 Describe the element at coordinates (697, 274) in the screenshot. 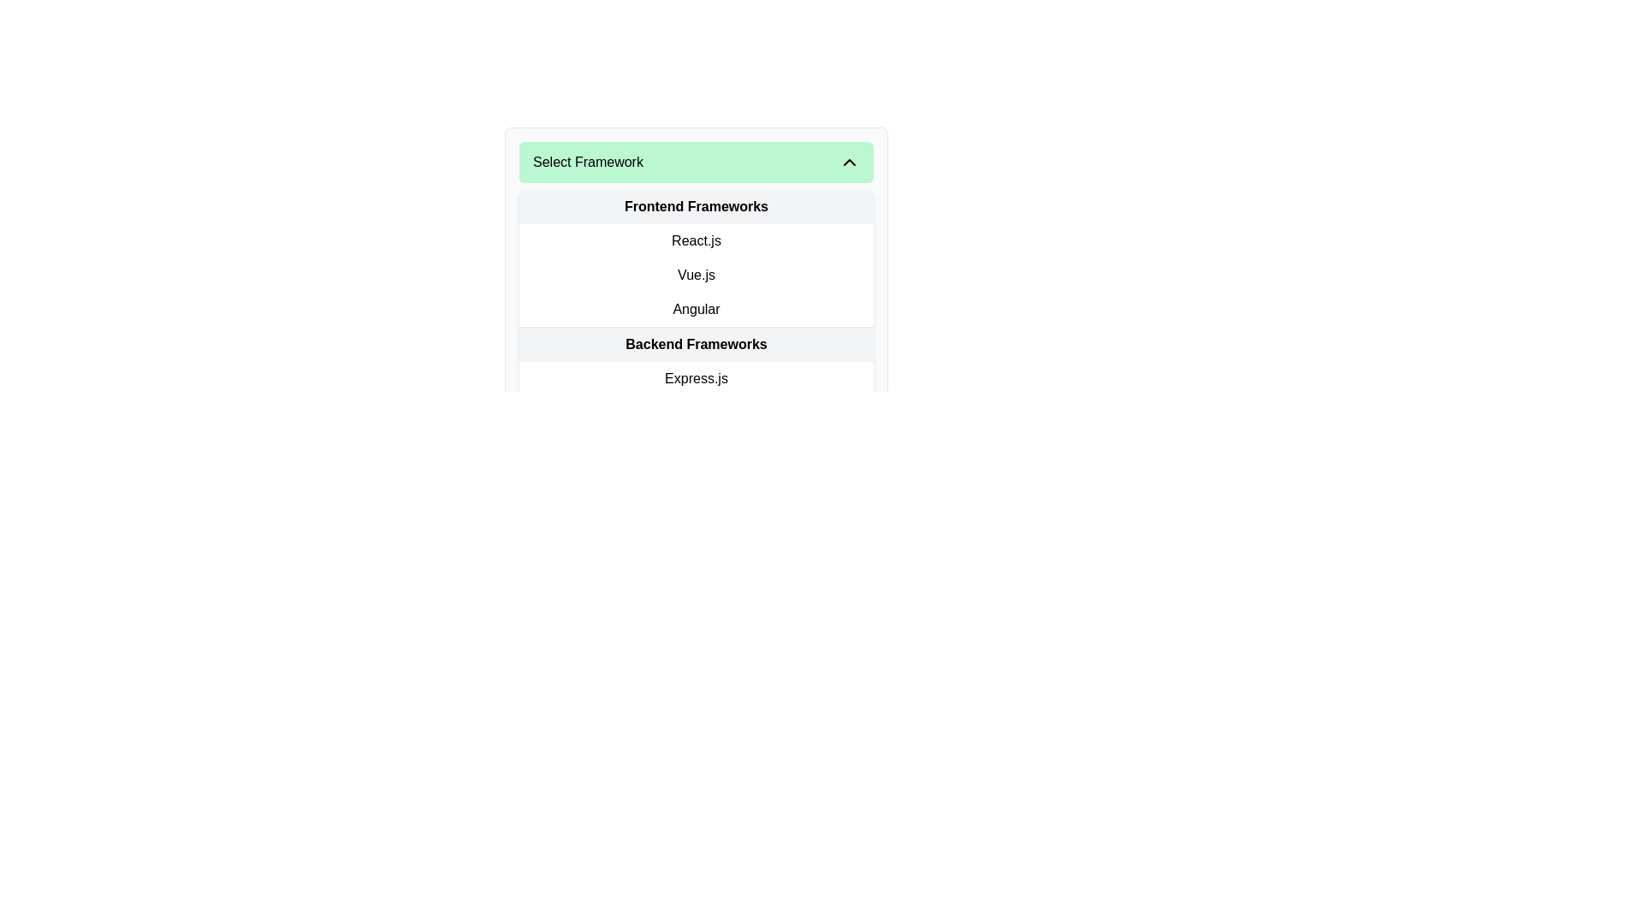

I see `the 'Vue.js' option in the 'Frontend Frameworks' menu, which is the second item in the list between 'React.js' and 'Angular'` at that location.